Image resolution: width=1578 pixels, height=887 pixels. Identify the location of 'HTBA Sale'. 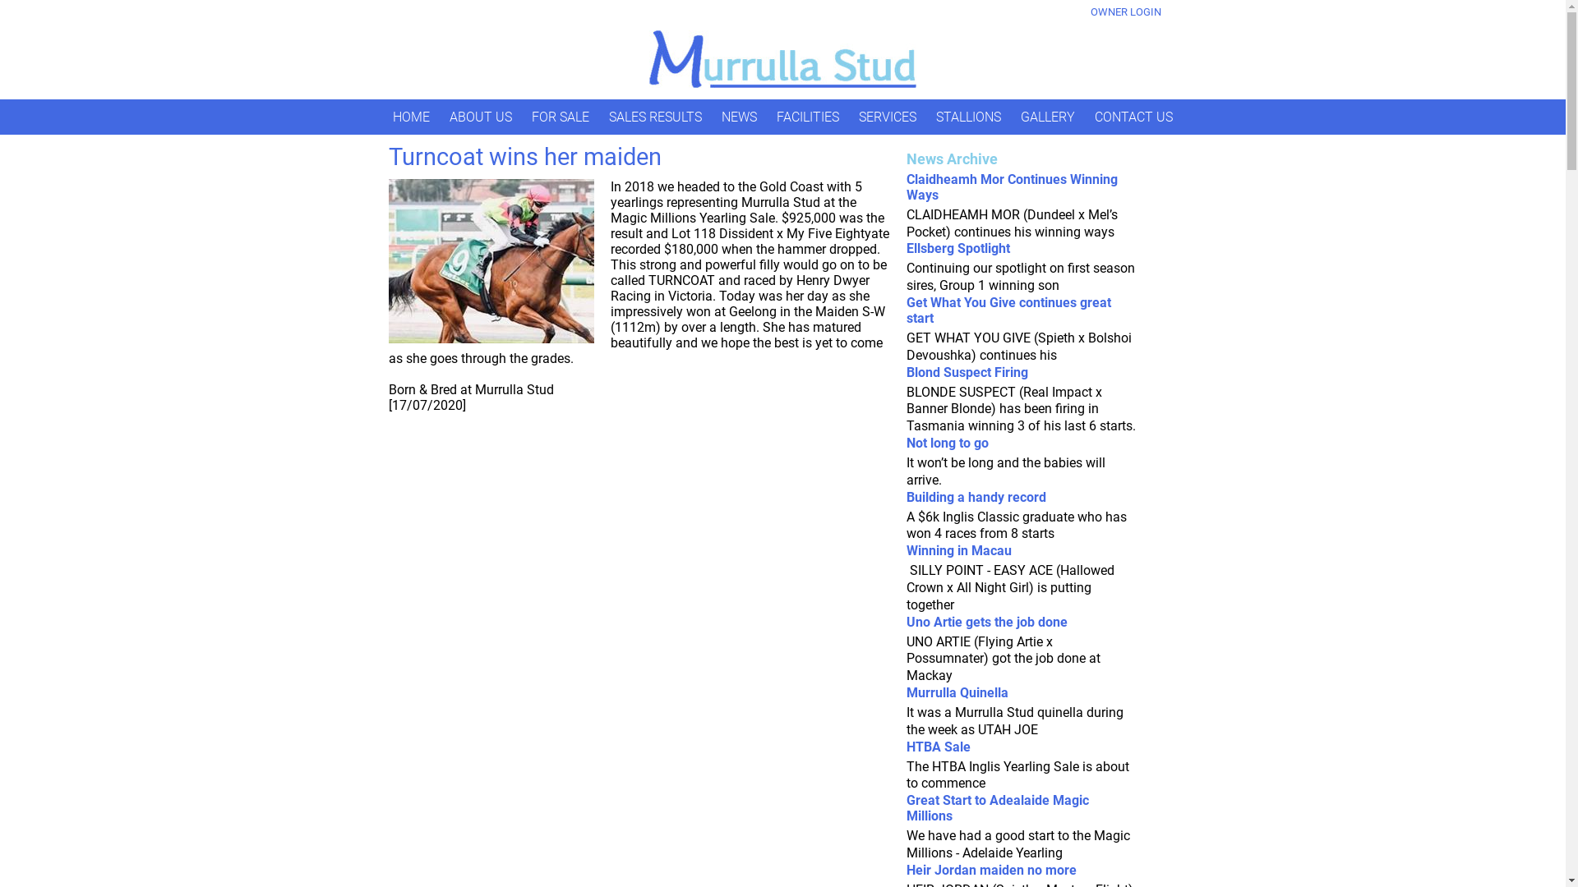
(938, 747).